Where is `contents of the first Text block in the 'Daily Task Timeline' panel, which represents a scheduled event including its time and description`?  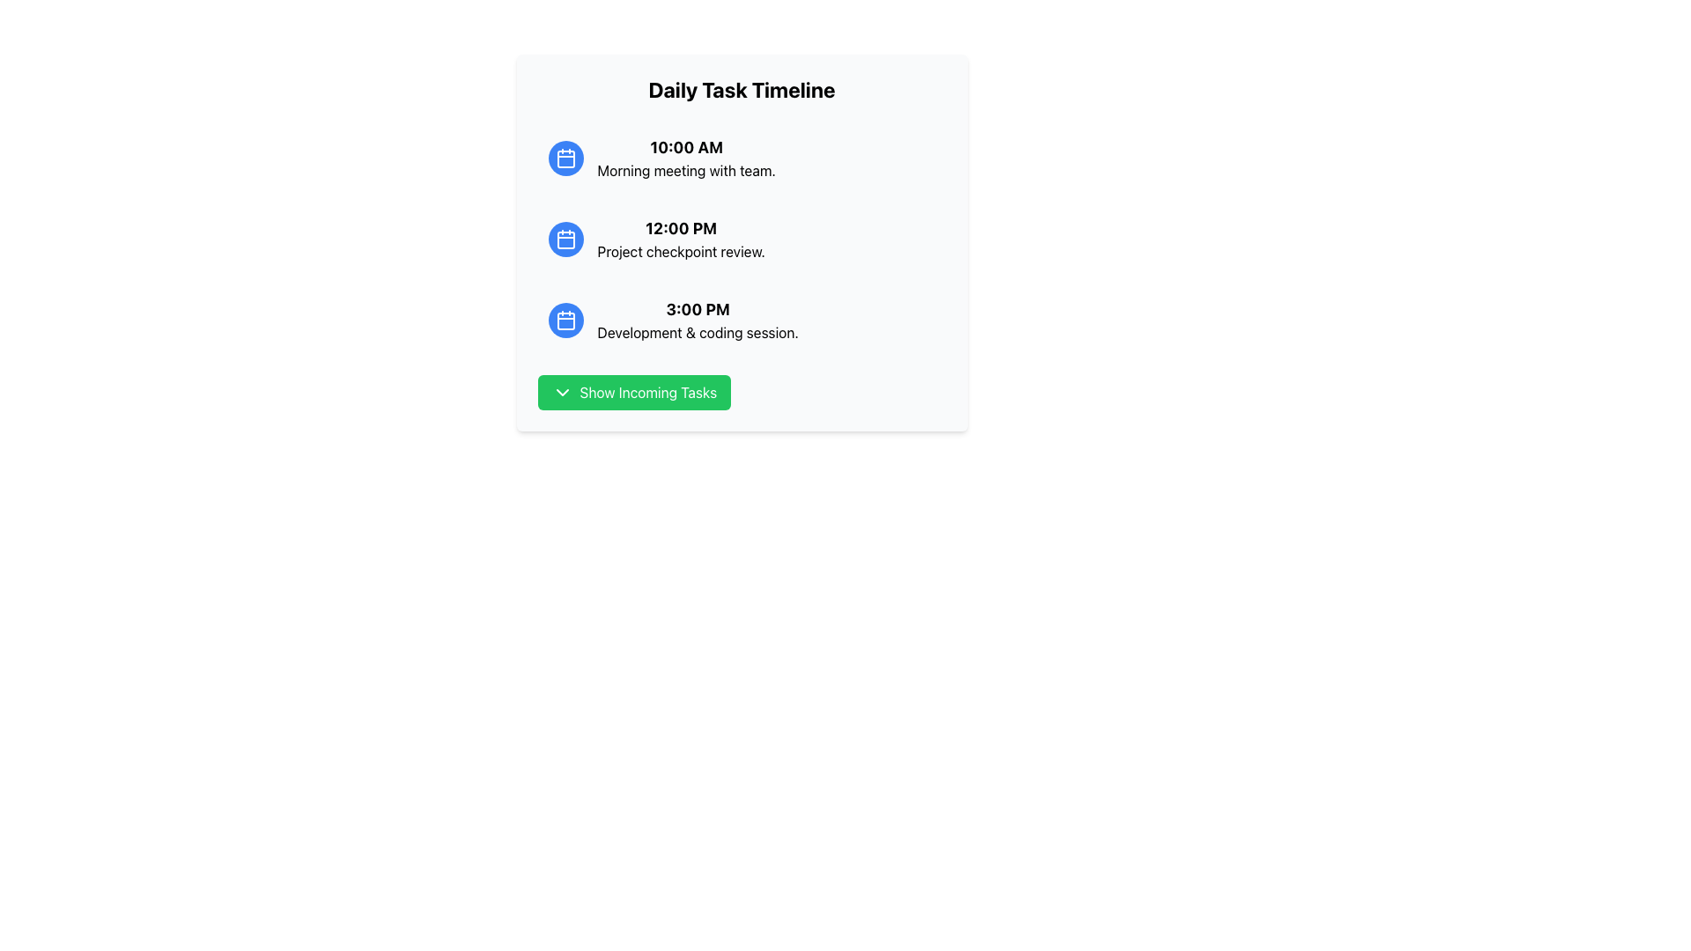
contents of the first Text block in the 'Daily Task Timeline' panel, which represents a scheduled event including its time and description is located at coordinates (685, 158).